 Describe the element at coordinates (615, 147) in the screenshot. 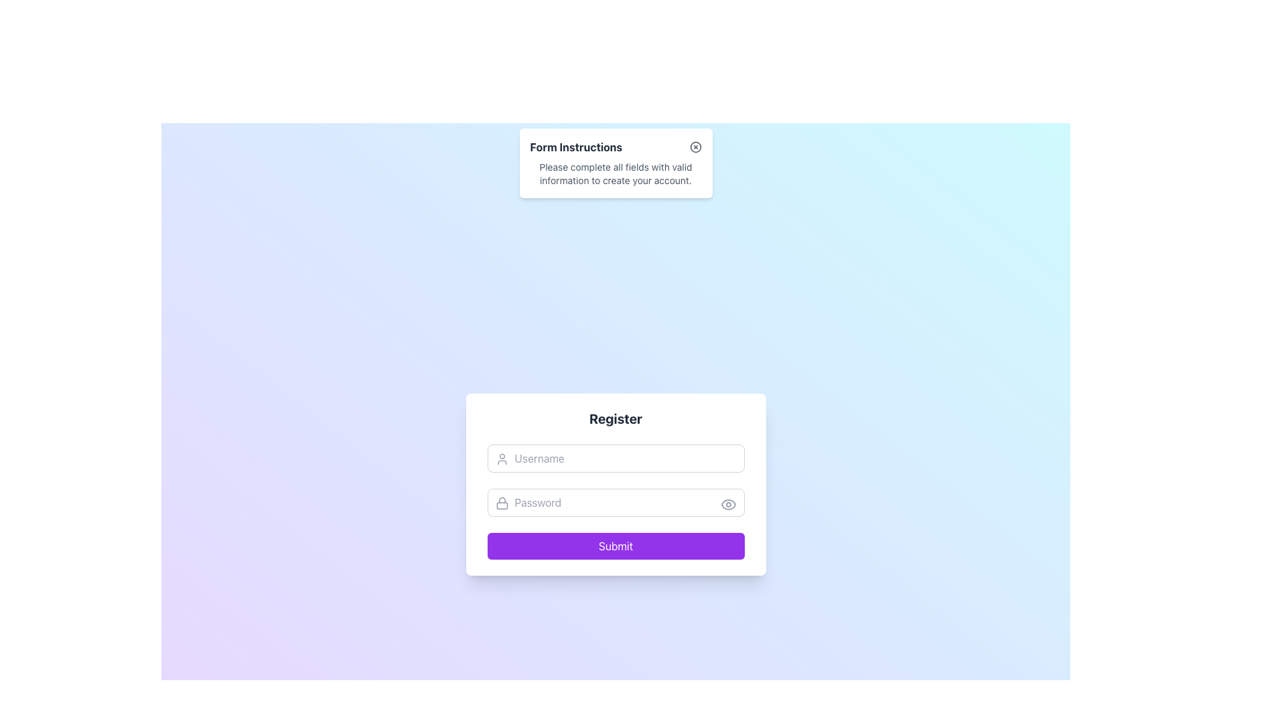

I see `title of the header element located at the top of the 'Form Instructions' card to understand the context of the instructions provided below` at that location.